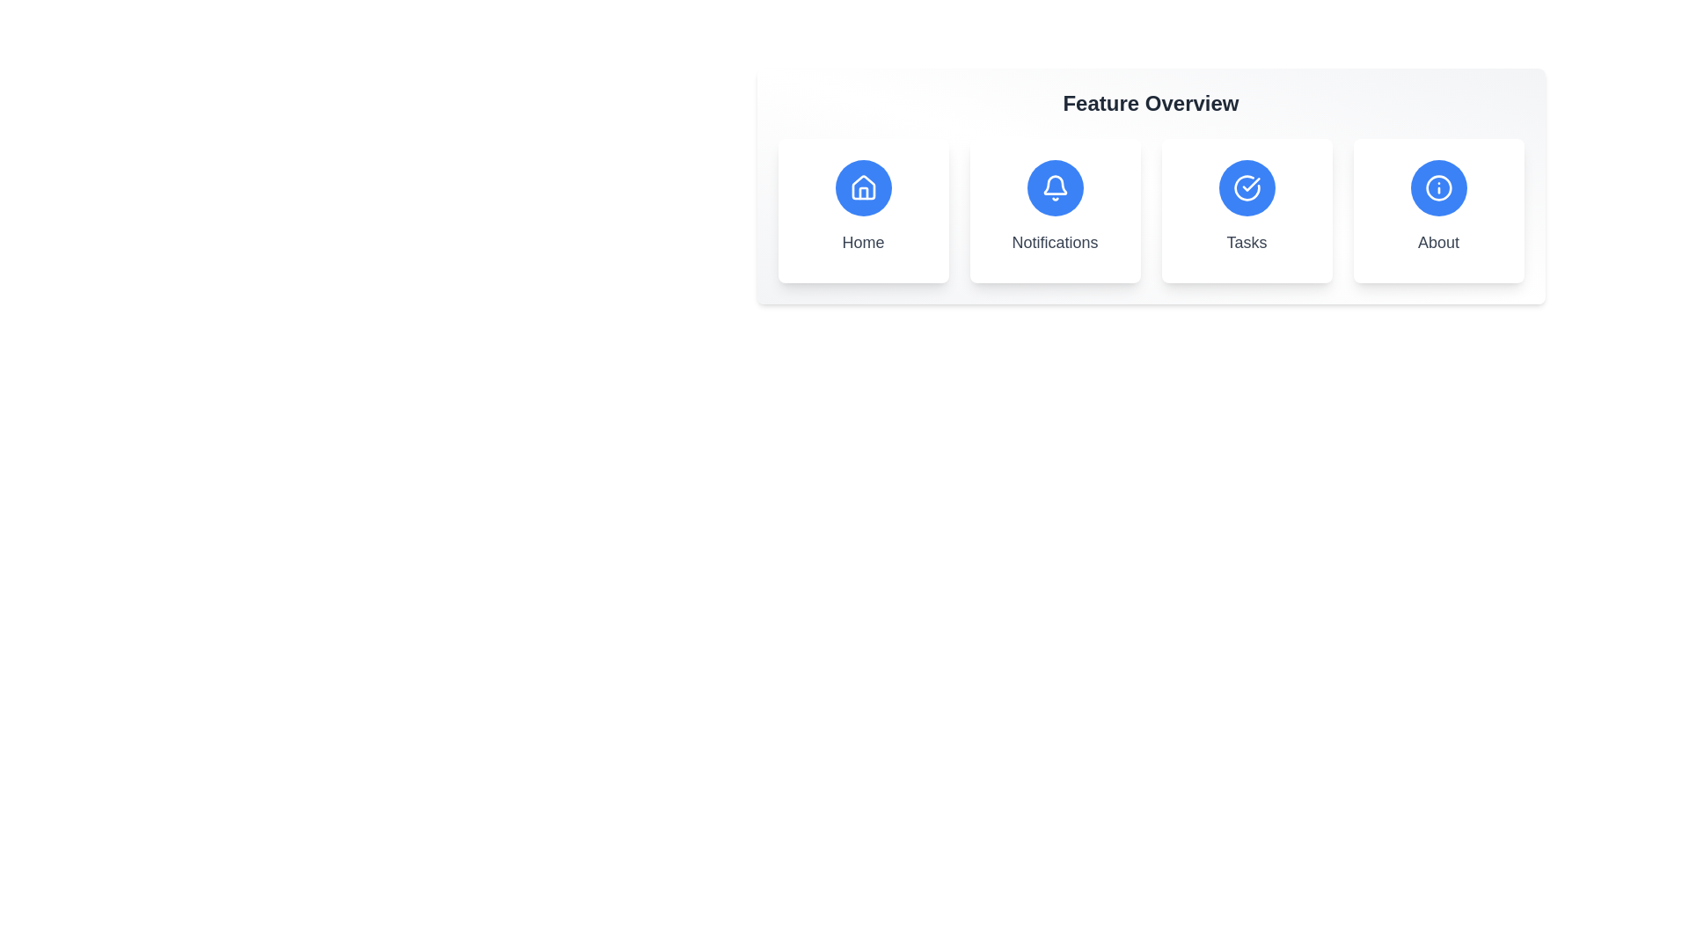 Image resolution: width=1689 pixels, height=950 pixels. What do you see at coordinates (1246, 187) in the screenshot?
I see `the status indicator icon located in the third tile of the 'Tasks' section, which is centrally positioned within the tile` at bounding box center [1246, 187].